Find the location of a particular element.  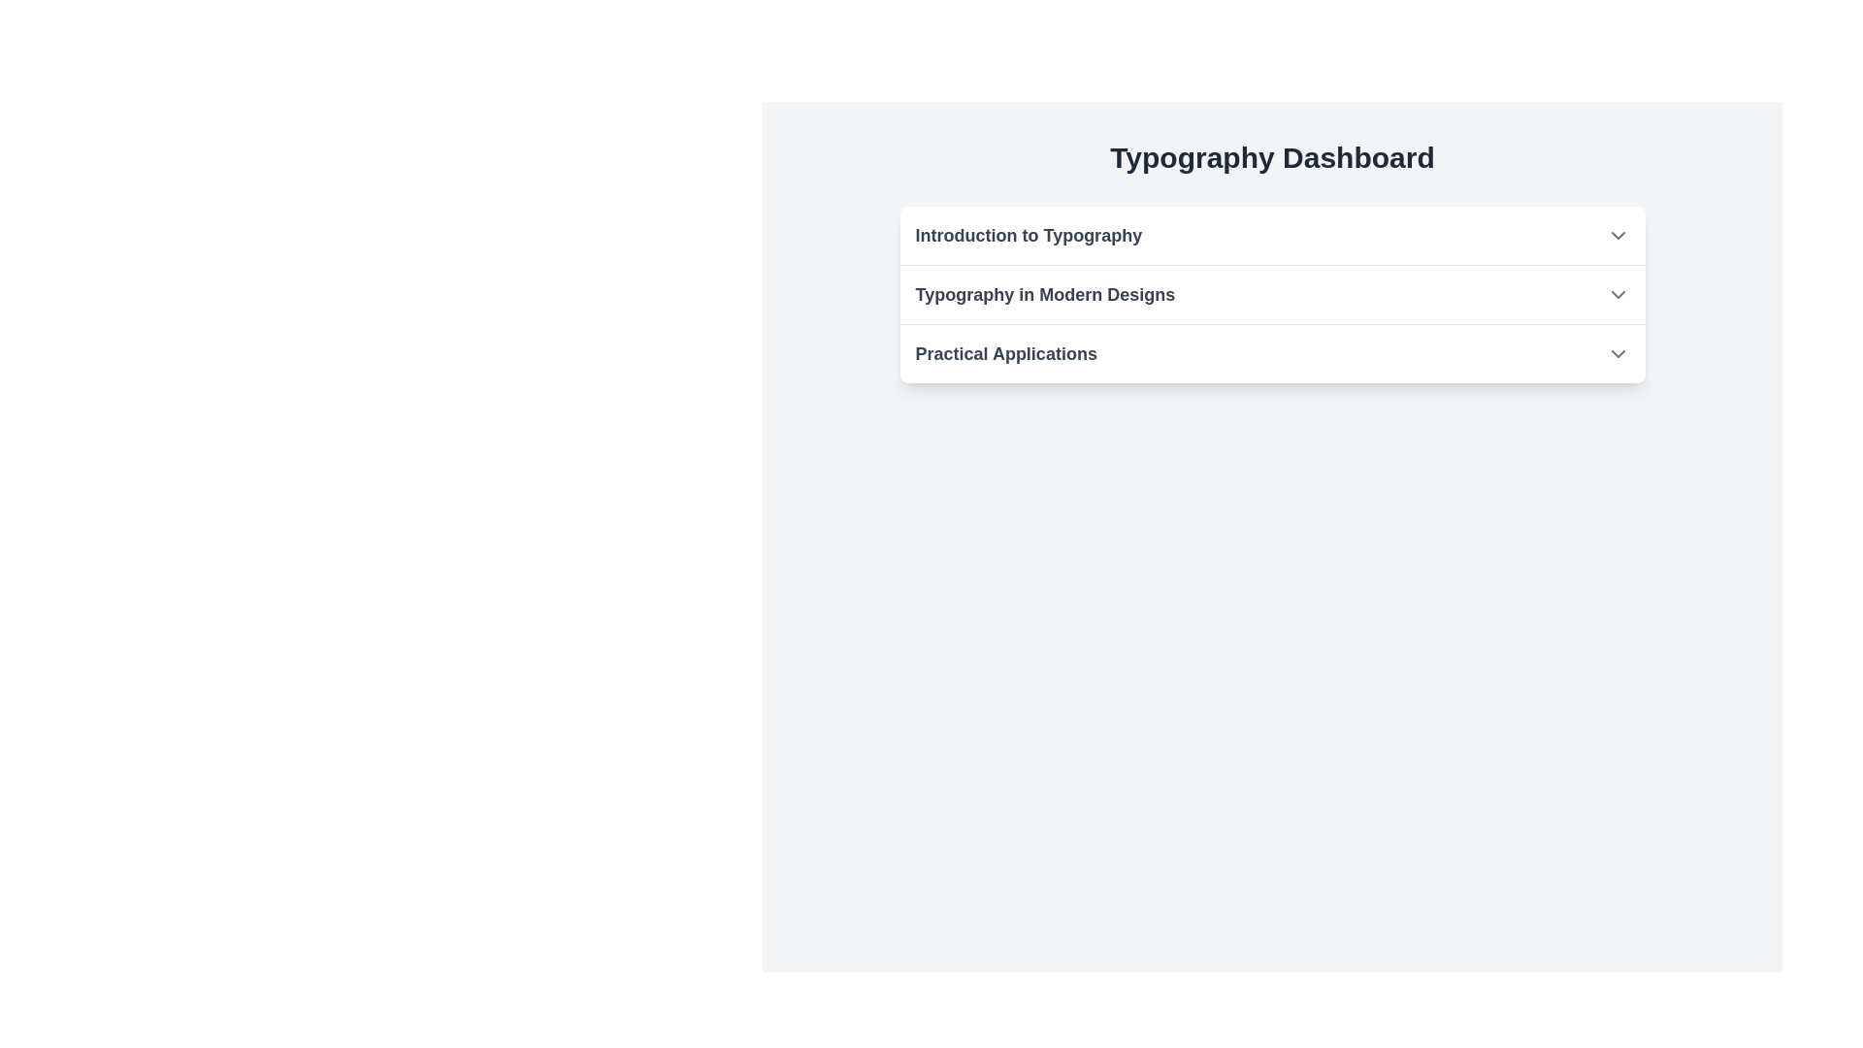

the 'Practical Applications' collapsible list item row within the Typography Dashboard is located at coordinates (1272, 354).